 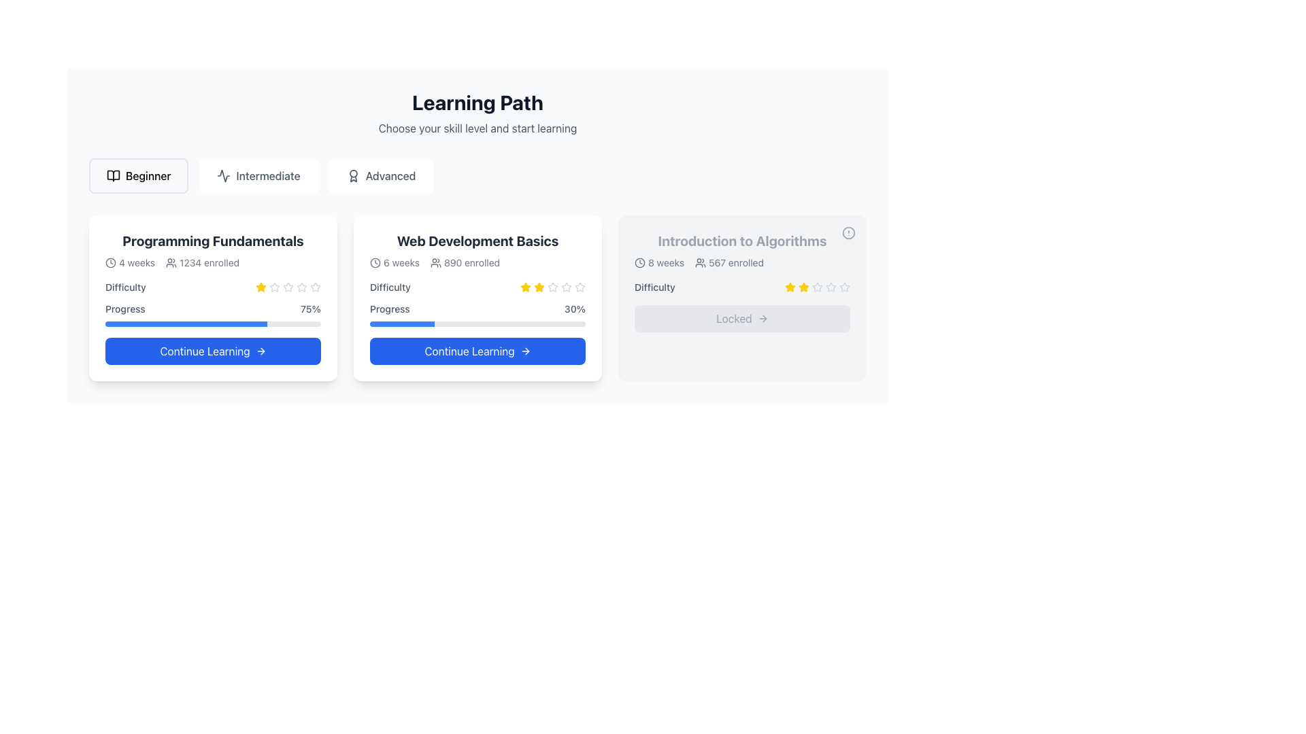 What do you see at coordinates (309, 309) in the screenshot?
I see `the statistical indicator for progress located in the bottom section of the 'Programming Fundamentals' card, immediately to the right of the word 'Progress'` at bounding box center [309, 309].